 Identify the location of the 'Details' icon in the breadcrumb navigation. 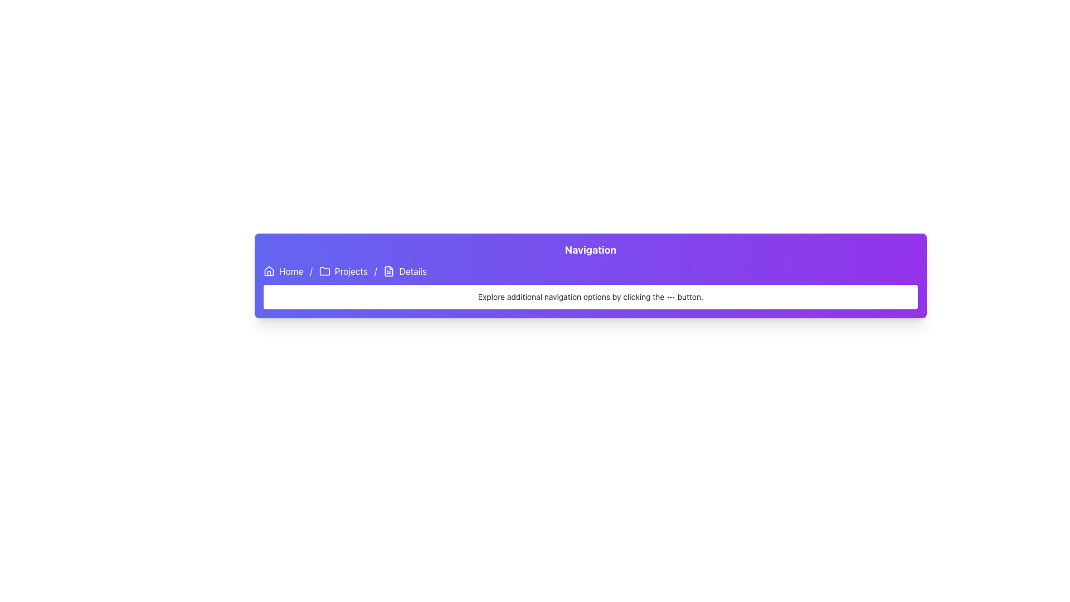
(389, 271).